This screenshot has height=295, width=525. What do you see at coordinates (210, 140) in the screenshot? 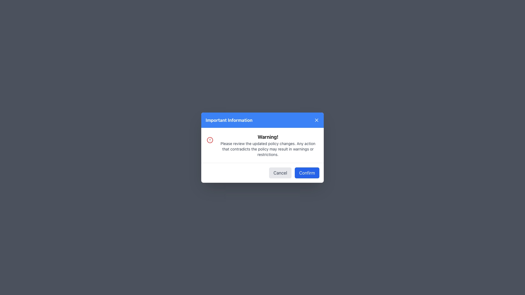
I see `the small circular icon with a red stroke and white fill, which serves as a visual alert and is aligned to the left of the 'Warning!' header in the 'Important Information' modal` at bounding box center [210, 140].